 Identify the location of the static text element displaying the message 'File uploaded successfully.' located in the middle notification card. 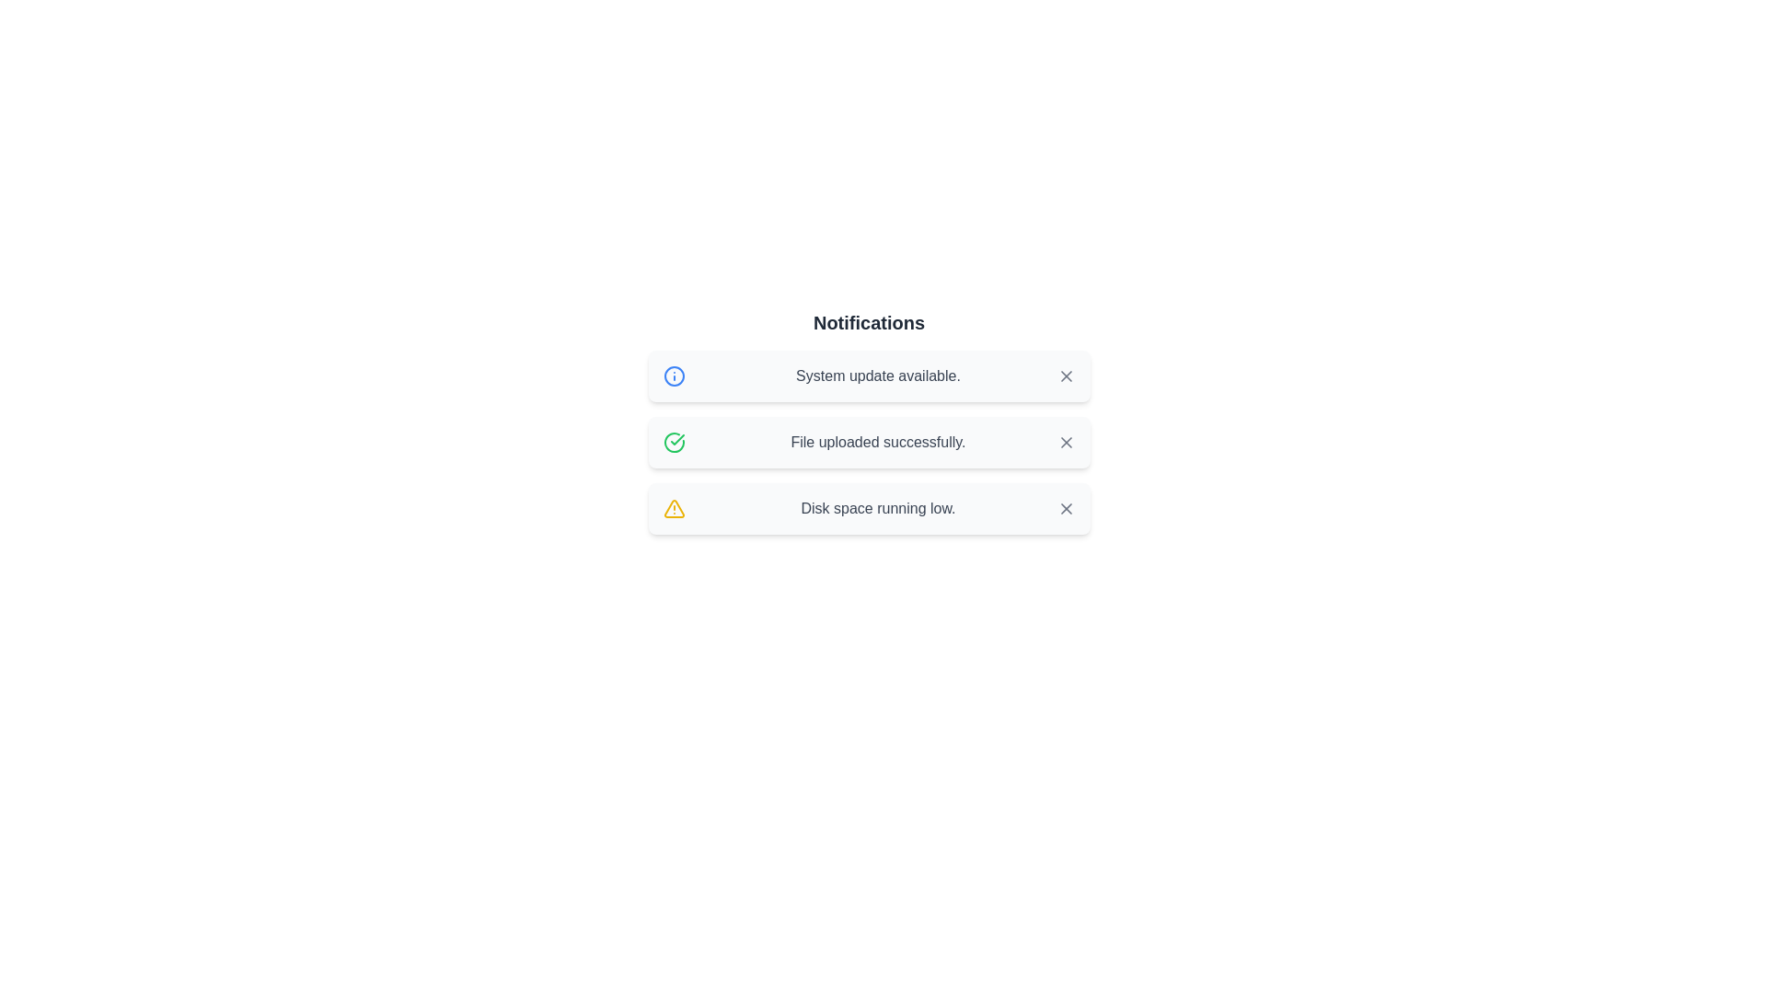
(877, 443).